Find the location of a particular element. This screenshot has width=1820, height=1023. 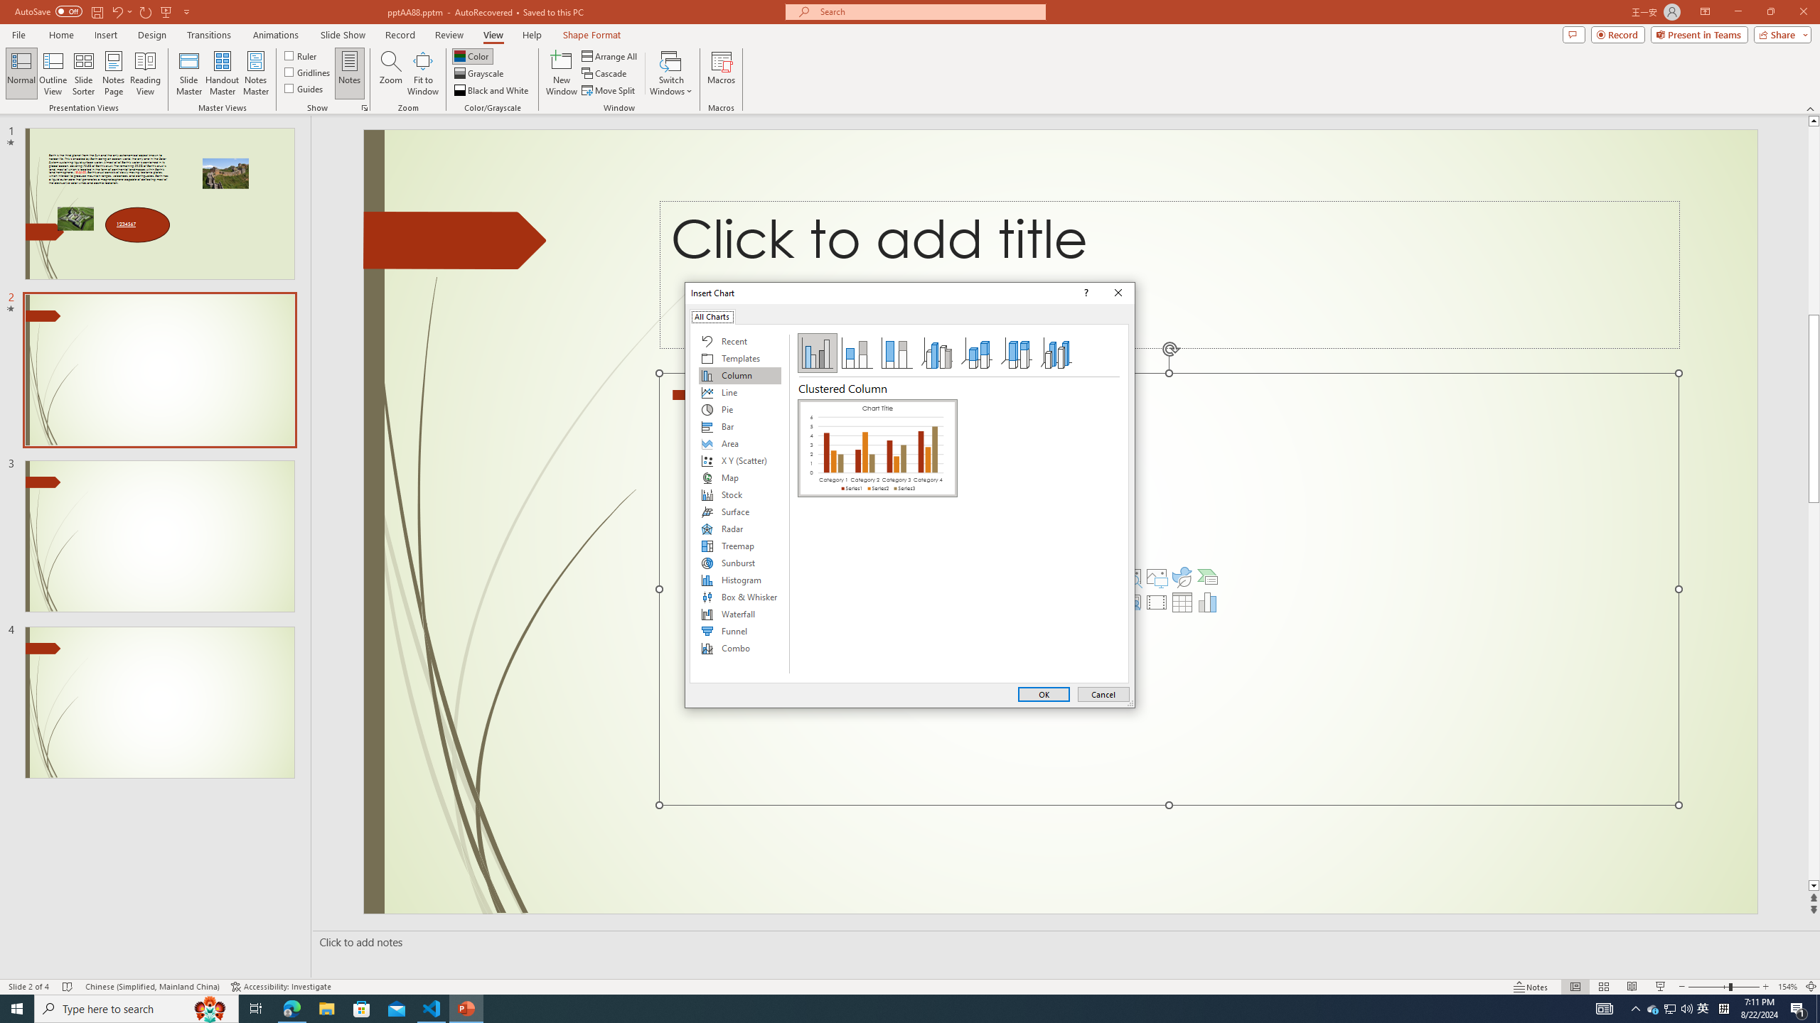

'3-D Stacked Column' is located at coordinates (976, 353).